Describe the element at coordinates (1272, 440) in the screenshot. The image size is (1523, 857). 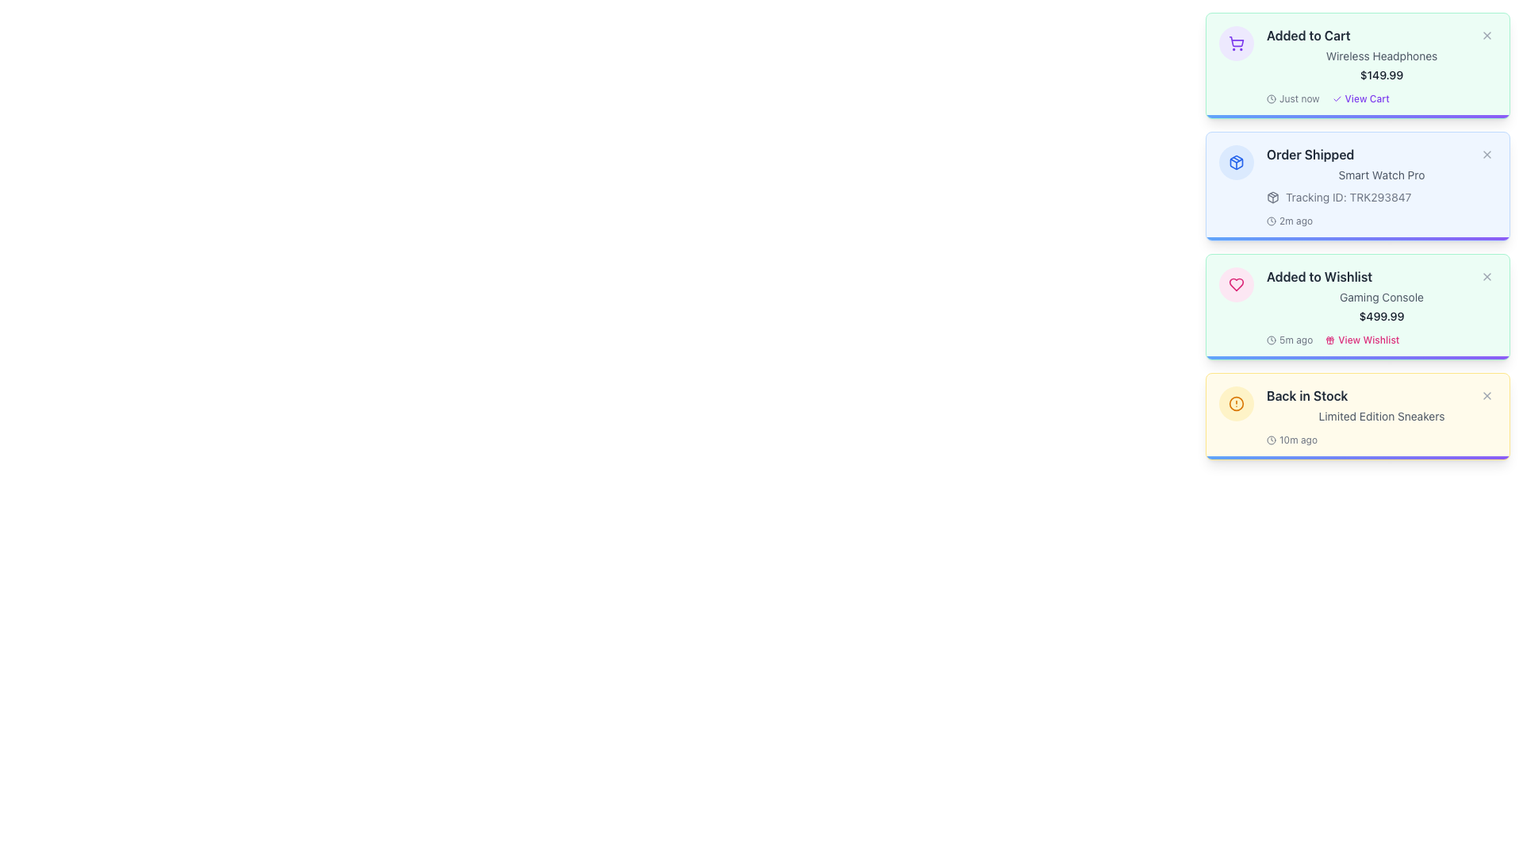
I see `the decorative icon indicating the time since the event occurred, which is located to the left of the '10m ago' text under the 'Back in Stock' card` at that location.